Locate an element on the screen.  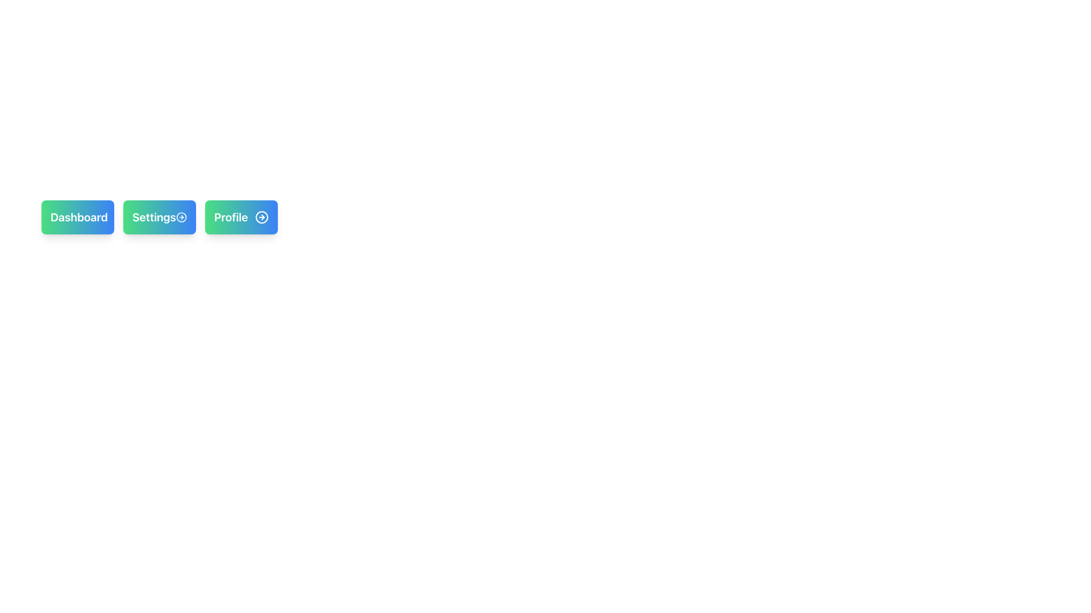
the right-pointing arrow icon inside the Settings button, which is visually characterized by a white arrow in a circle against a blue background is located at coordinates (181, 217).